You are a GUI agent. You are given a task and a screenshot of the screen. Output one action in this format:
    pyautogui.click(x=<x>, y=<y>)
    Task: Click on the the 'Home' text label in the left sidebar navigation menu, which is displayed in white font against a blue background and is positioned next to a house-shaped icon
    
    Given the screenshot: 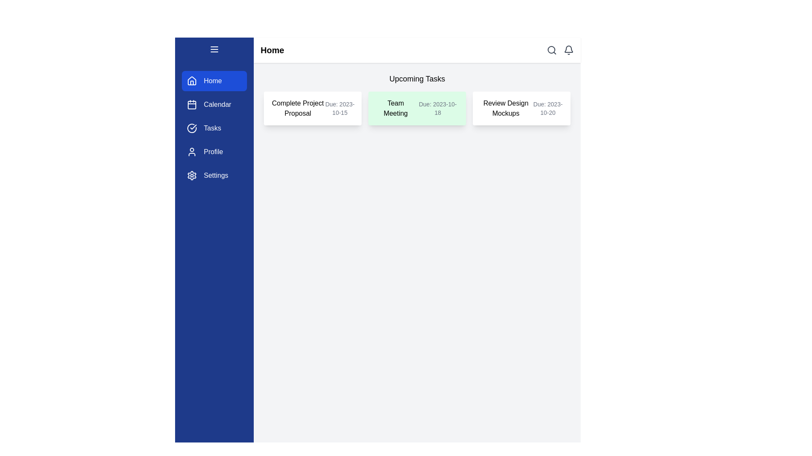 What is the action you would take?
    pyautogui.click(x=213, y=81)
    